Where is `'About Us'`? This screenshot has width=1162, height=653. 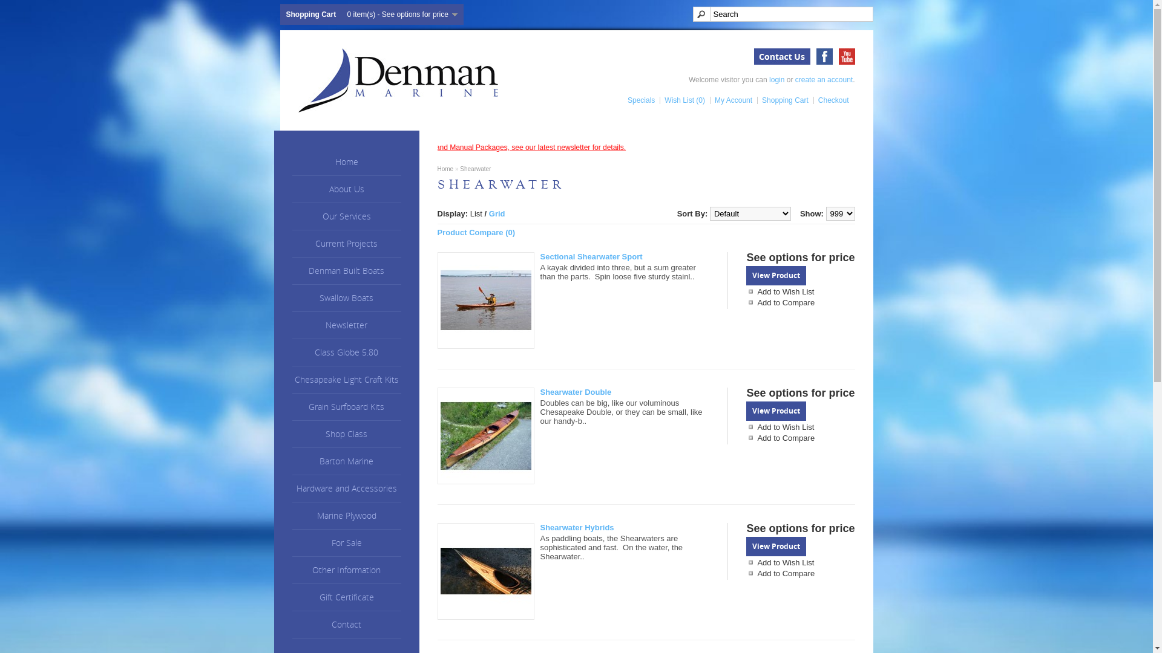
'About Us' is located at coordinates (345, 189).